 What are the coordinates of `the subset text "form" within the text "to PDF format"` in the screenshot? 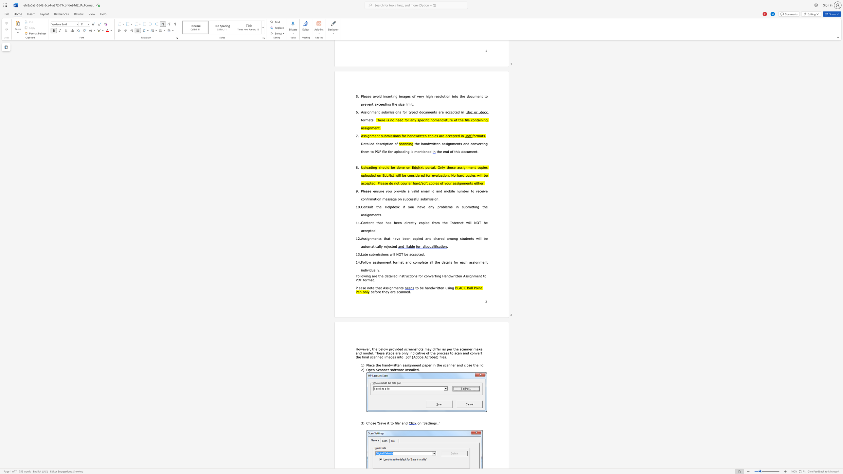 It's located at (363, 280).